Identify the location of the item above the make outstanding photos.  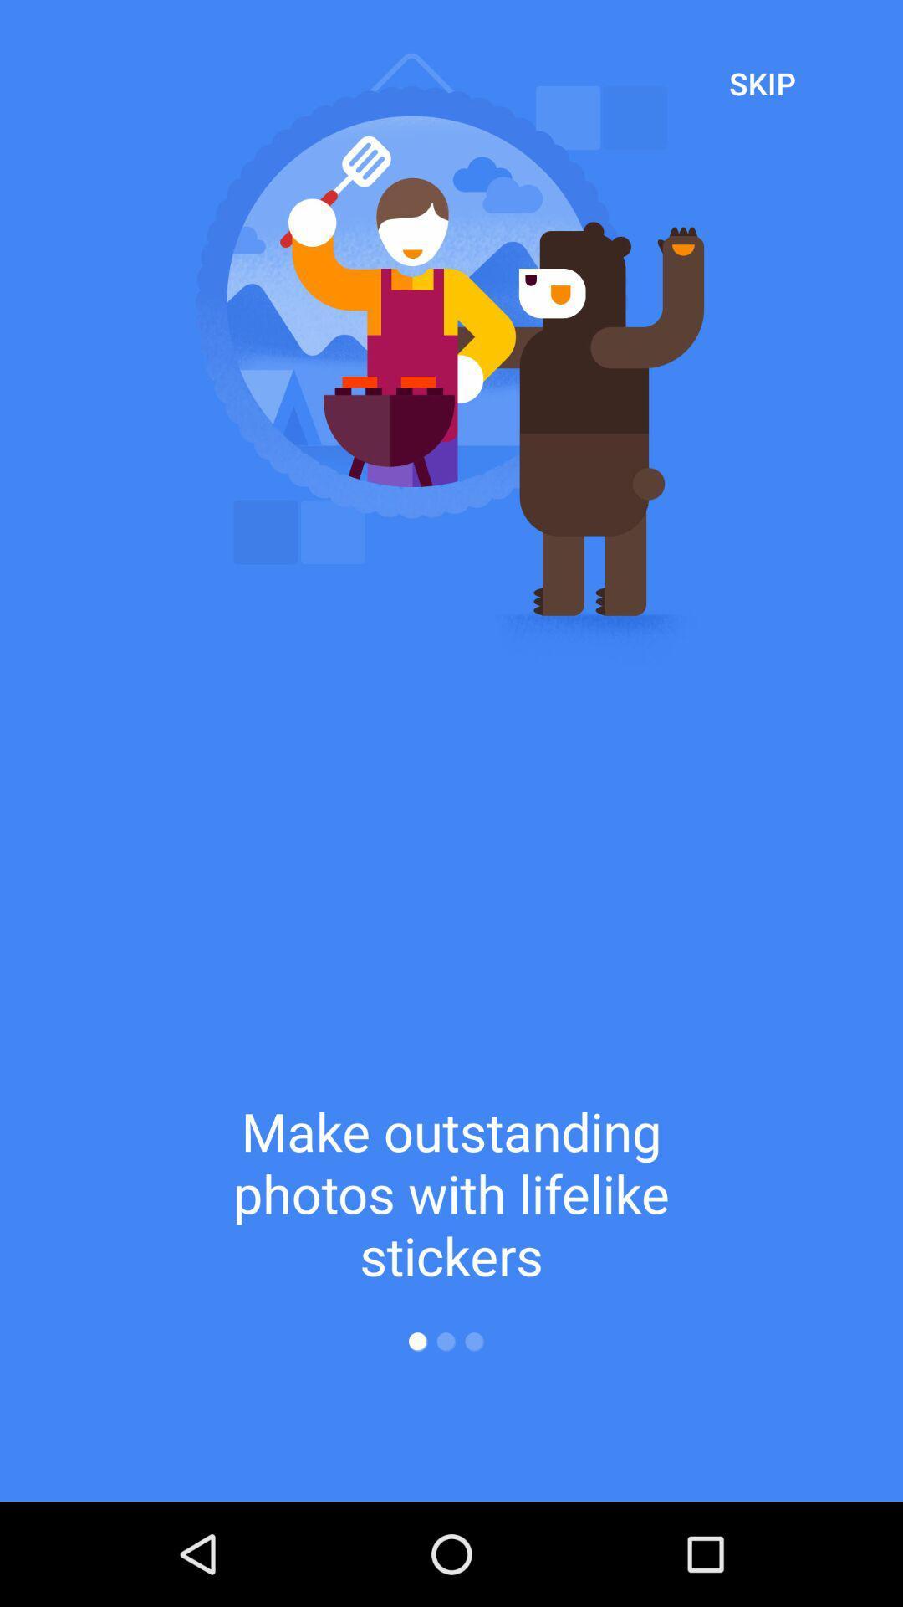
(762, 82).